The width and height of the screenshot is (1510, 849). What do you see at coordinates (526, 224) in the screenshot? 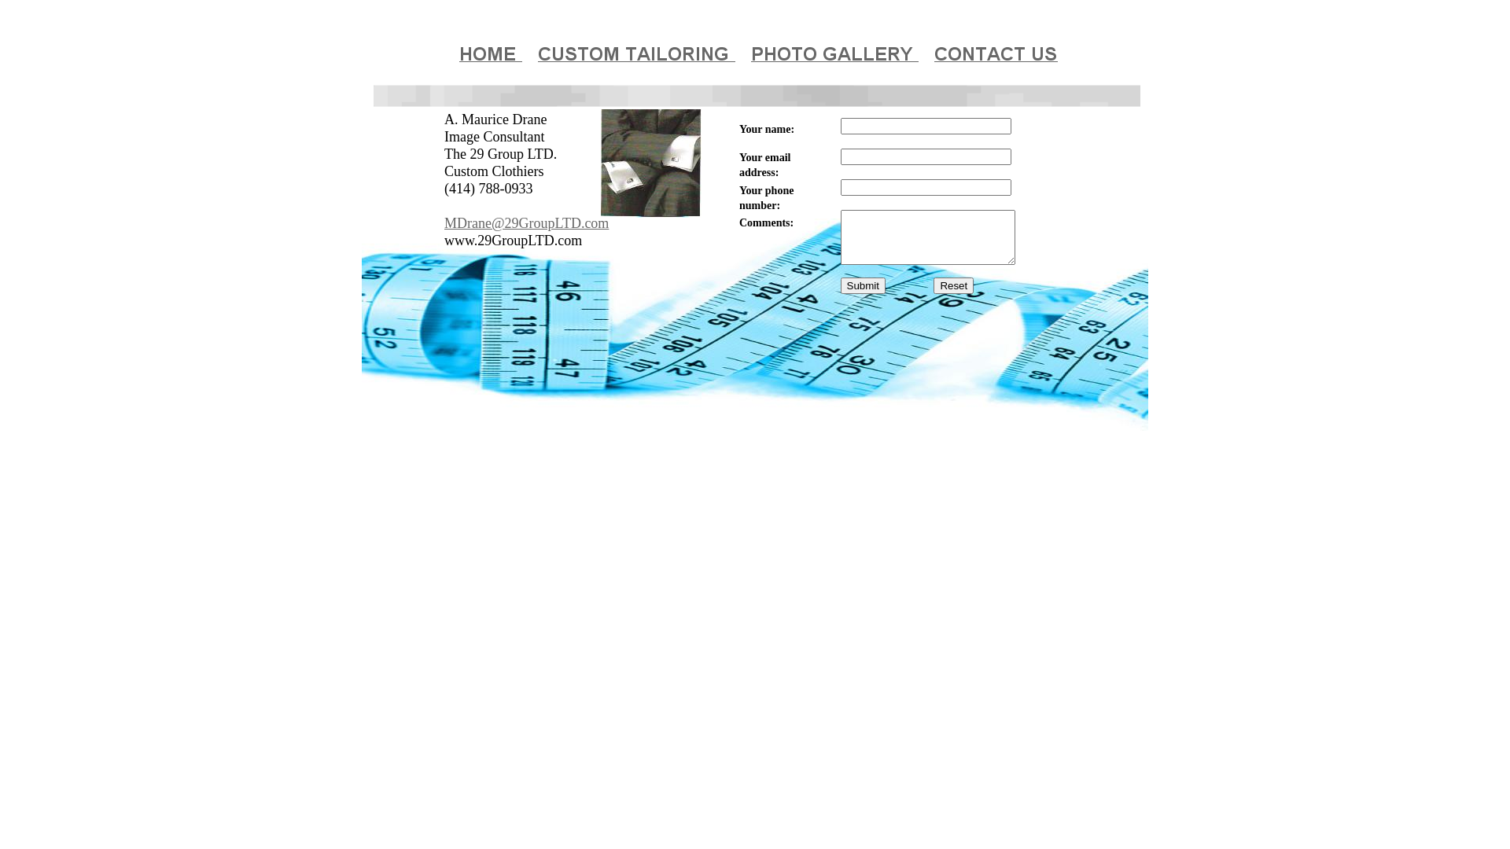
I see `'MDrane@29GroupLTD.com'` at bounding box center [526, 224].